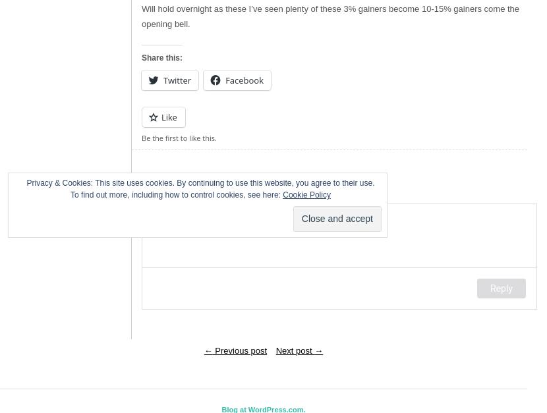 Image resolution: width=547 pixels, height=413 pixels. What do you see at coordinates (239, 350) in the screenshot?
I see `'Previous post'` at bounding box center [239, 350].